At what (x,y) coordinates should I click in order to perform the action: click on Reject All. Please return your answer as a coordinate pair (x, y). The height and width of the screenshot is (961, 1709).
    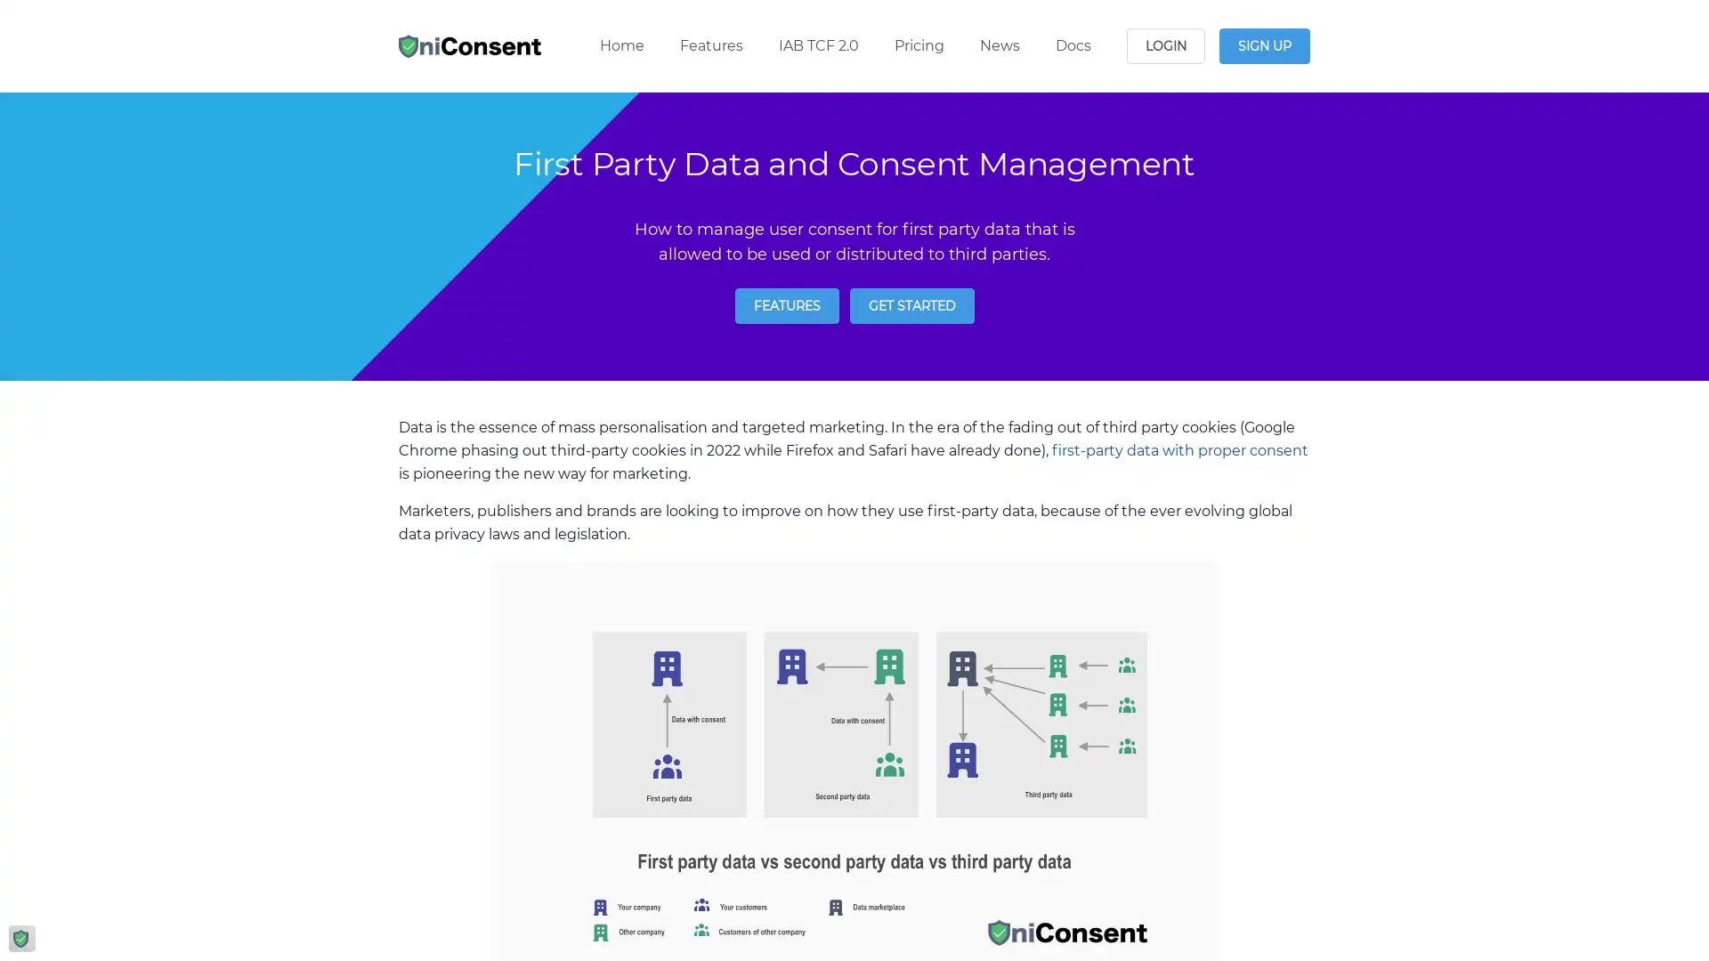
    Looking at the image, I should click on (250, 928).